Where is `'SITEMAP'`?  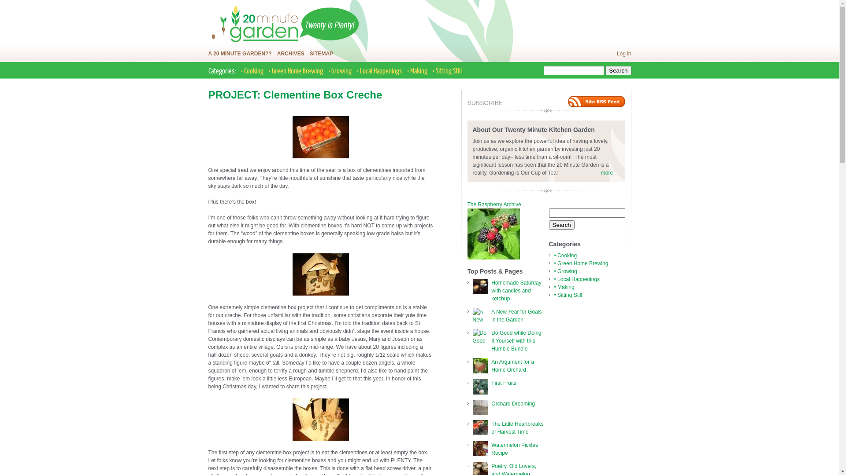 'SITEMAP' is located at coordinates (321, 54).